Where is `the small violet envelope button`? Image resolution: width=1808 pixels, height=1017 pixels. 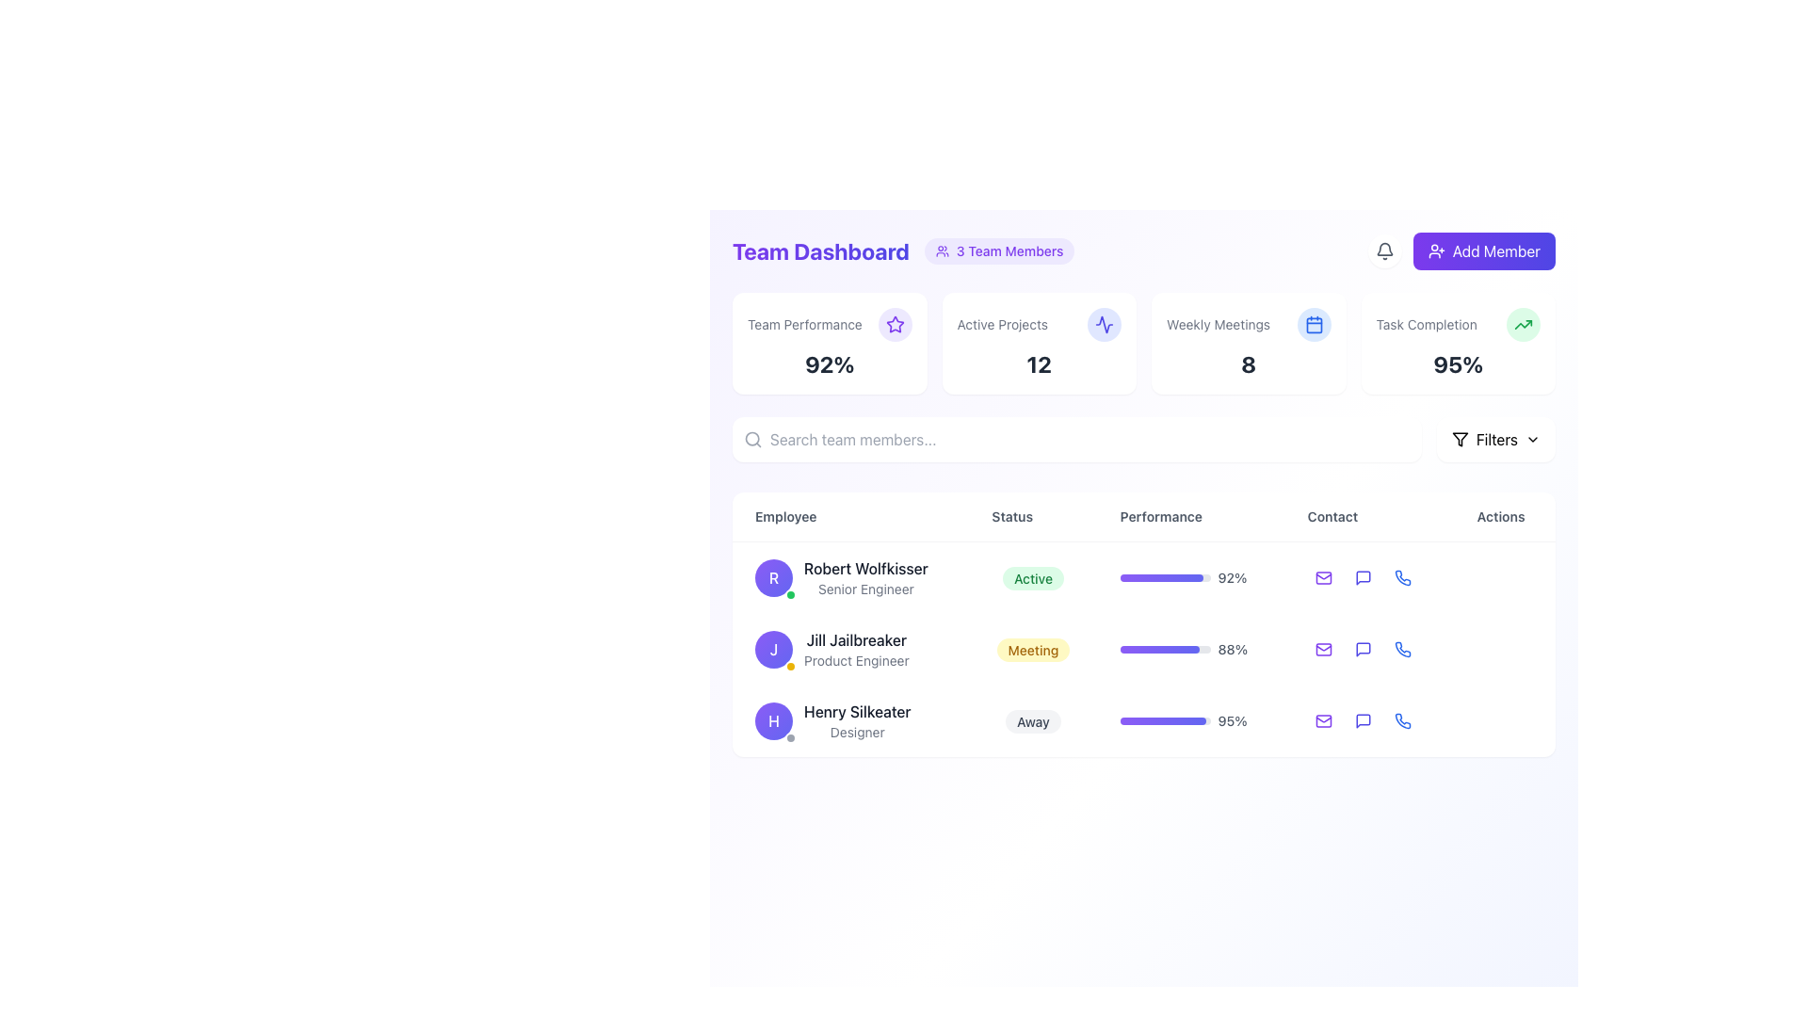 the small violet envelope button is located at coordinates (1322, 649).